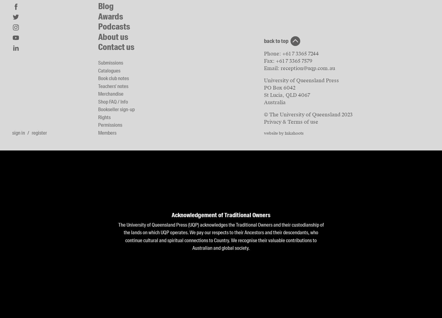 This screenshot has width=442, height=318. I want to click on 'Email:', so click(272, 68).